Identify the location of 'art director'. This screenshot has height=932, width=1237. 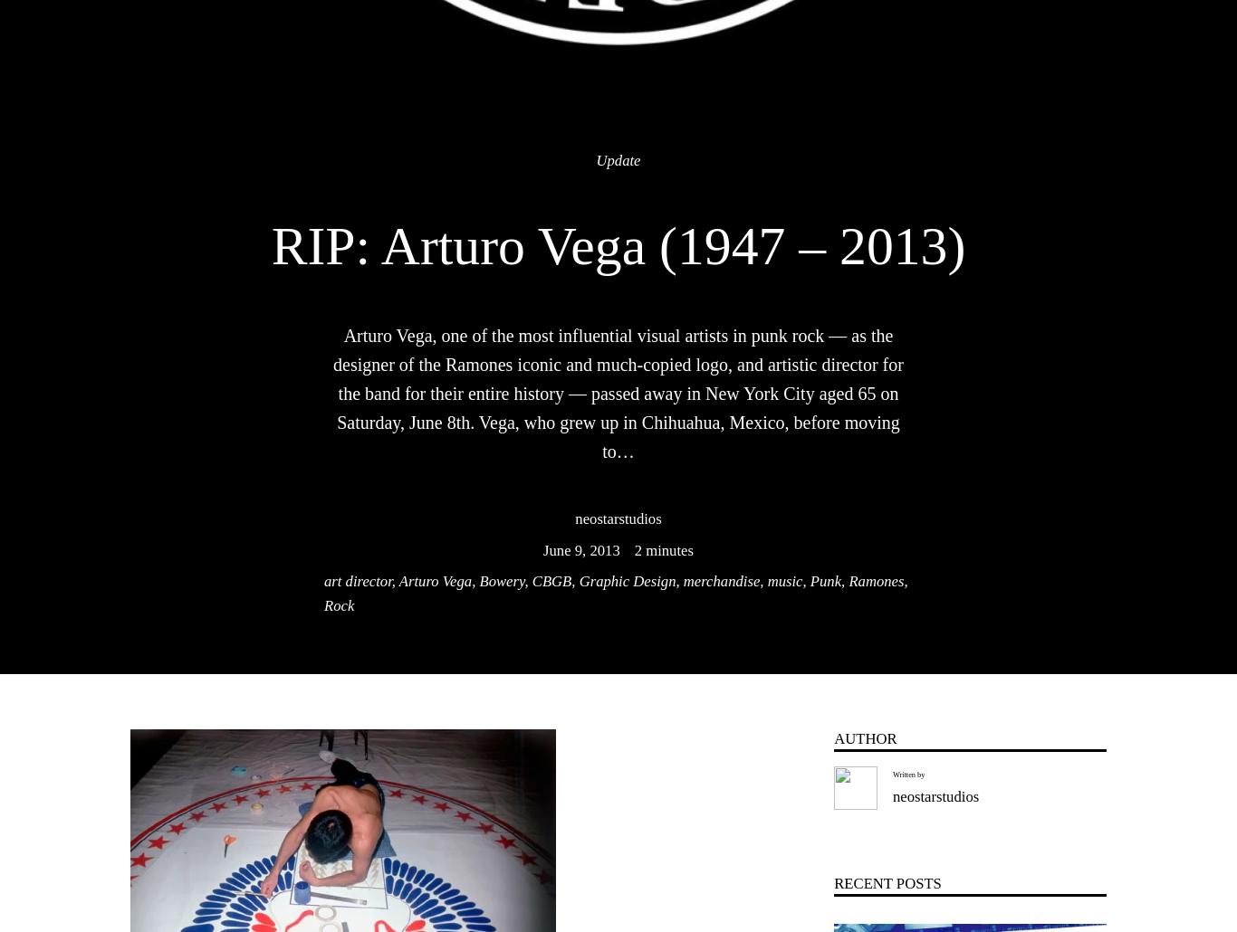
(357, 580).